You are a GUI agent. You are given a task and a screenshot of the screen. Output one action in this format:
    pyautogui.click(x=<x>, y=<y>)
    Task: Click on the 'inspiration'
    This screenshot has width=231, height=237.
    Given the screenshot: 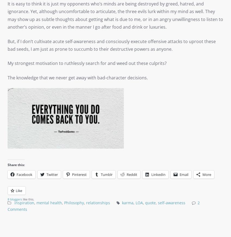 What is the action you would take?
    pyautogui.click(x=24, y=202)
    